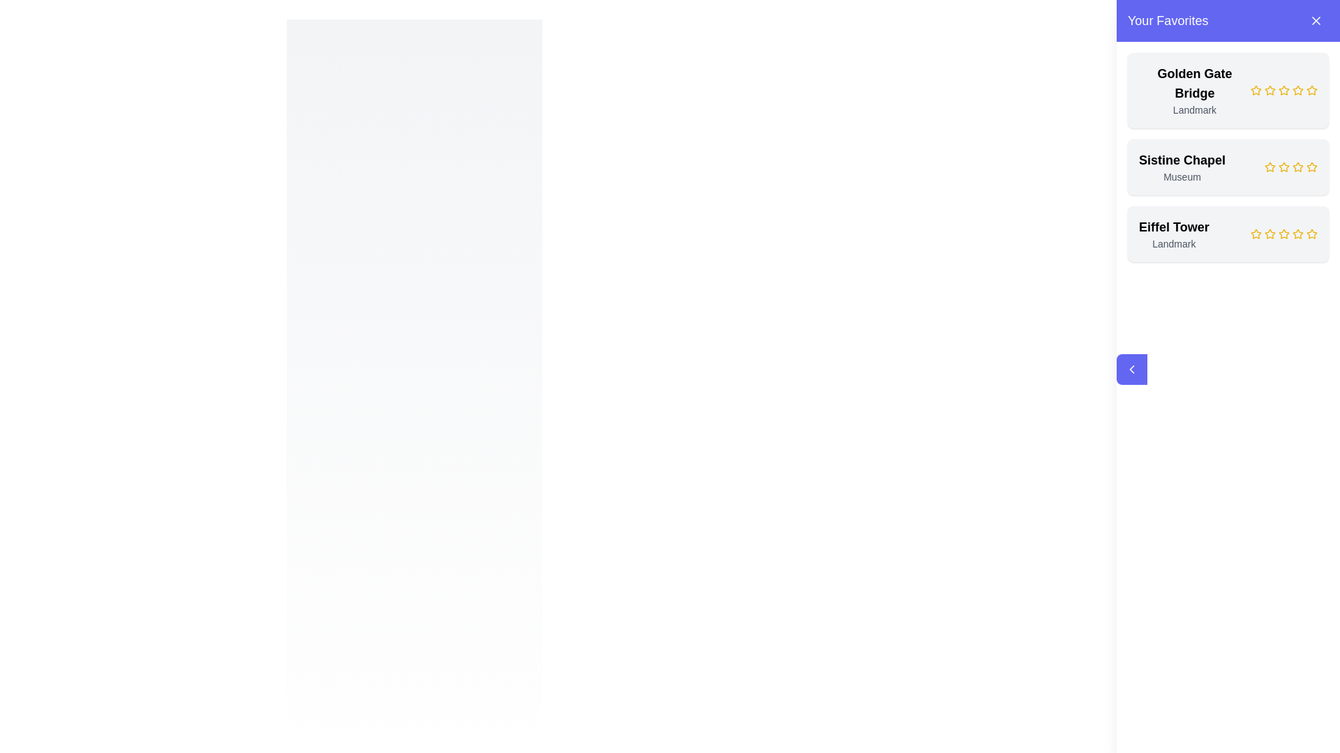 Image resolution: width=1340 pixels, height=753 pixels. I want to click on the rating stars element associated with the 'Eiffel Tower' entity located within the 'Your Favorites' panel, so click(1283, 233).